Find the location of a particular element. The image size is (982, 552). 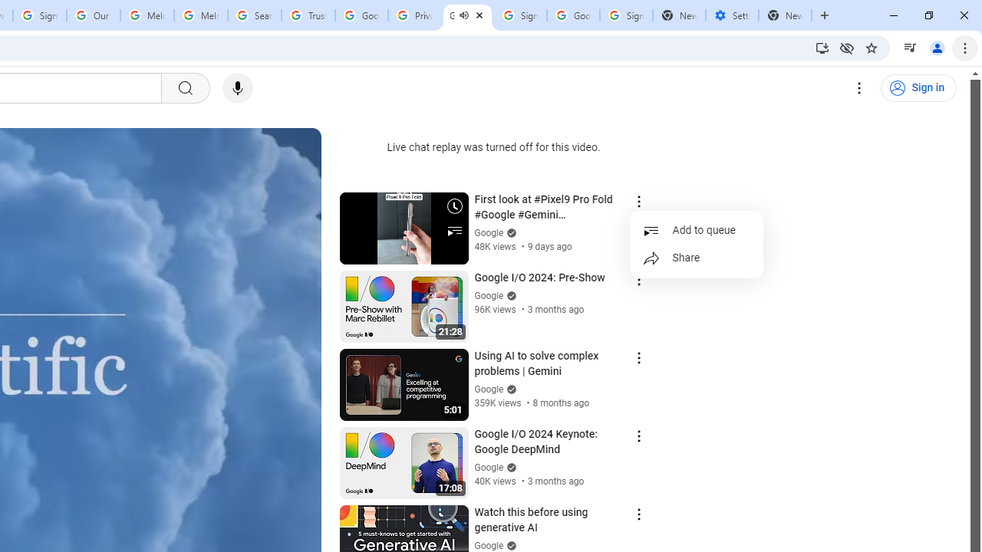

'Verified' is located at coordinates (509, 544).